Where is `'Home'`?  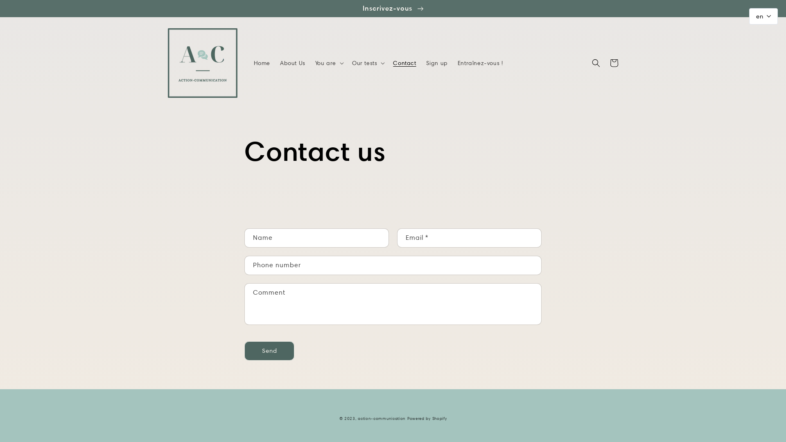 'Home' is located at coordinates (261, 63).